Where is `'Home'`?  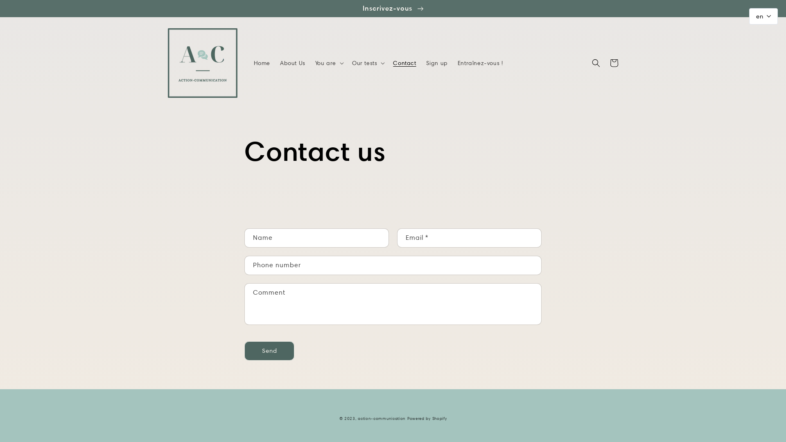 'Home' is located at coordinates (261, 63).